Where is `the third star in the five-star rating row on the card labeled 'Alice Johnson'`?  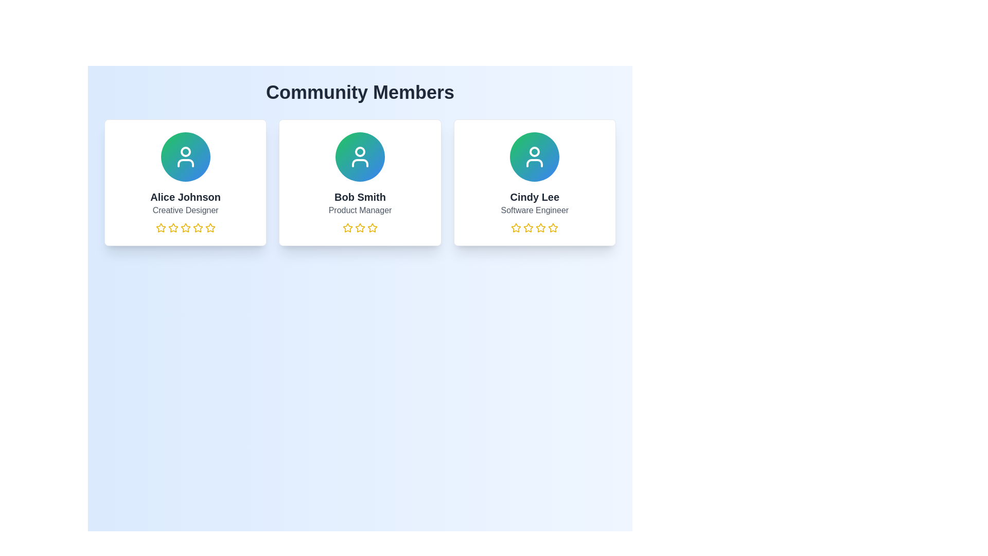
the third star in the five-star rating row on the card labeled 'Alice Johnson' is located at coordinates (198, 227).